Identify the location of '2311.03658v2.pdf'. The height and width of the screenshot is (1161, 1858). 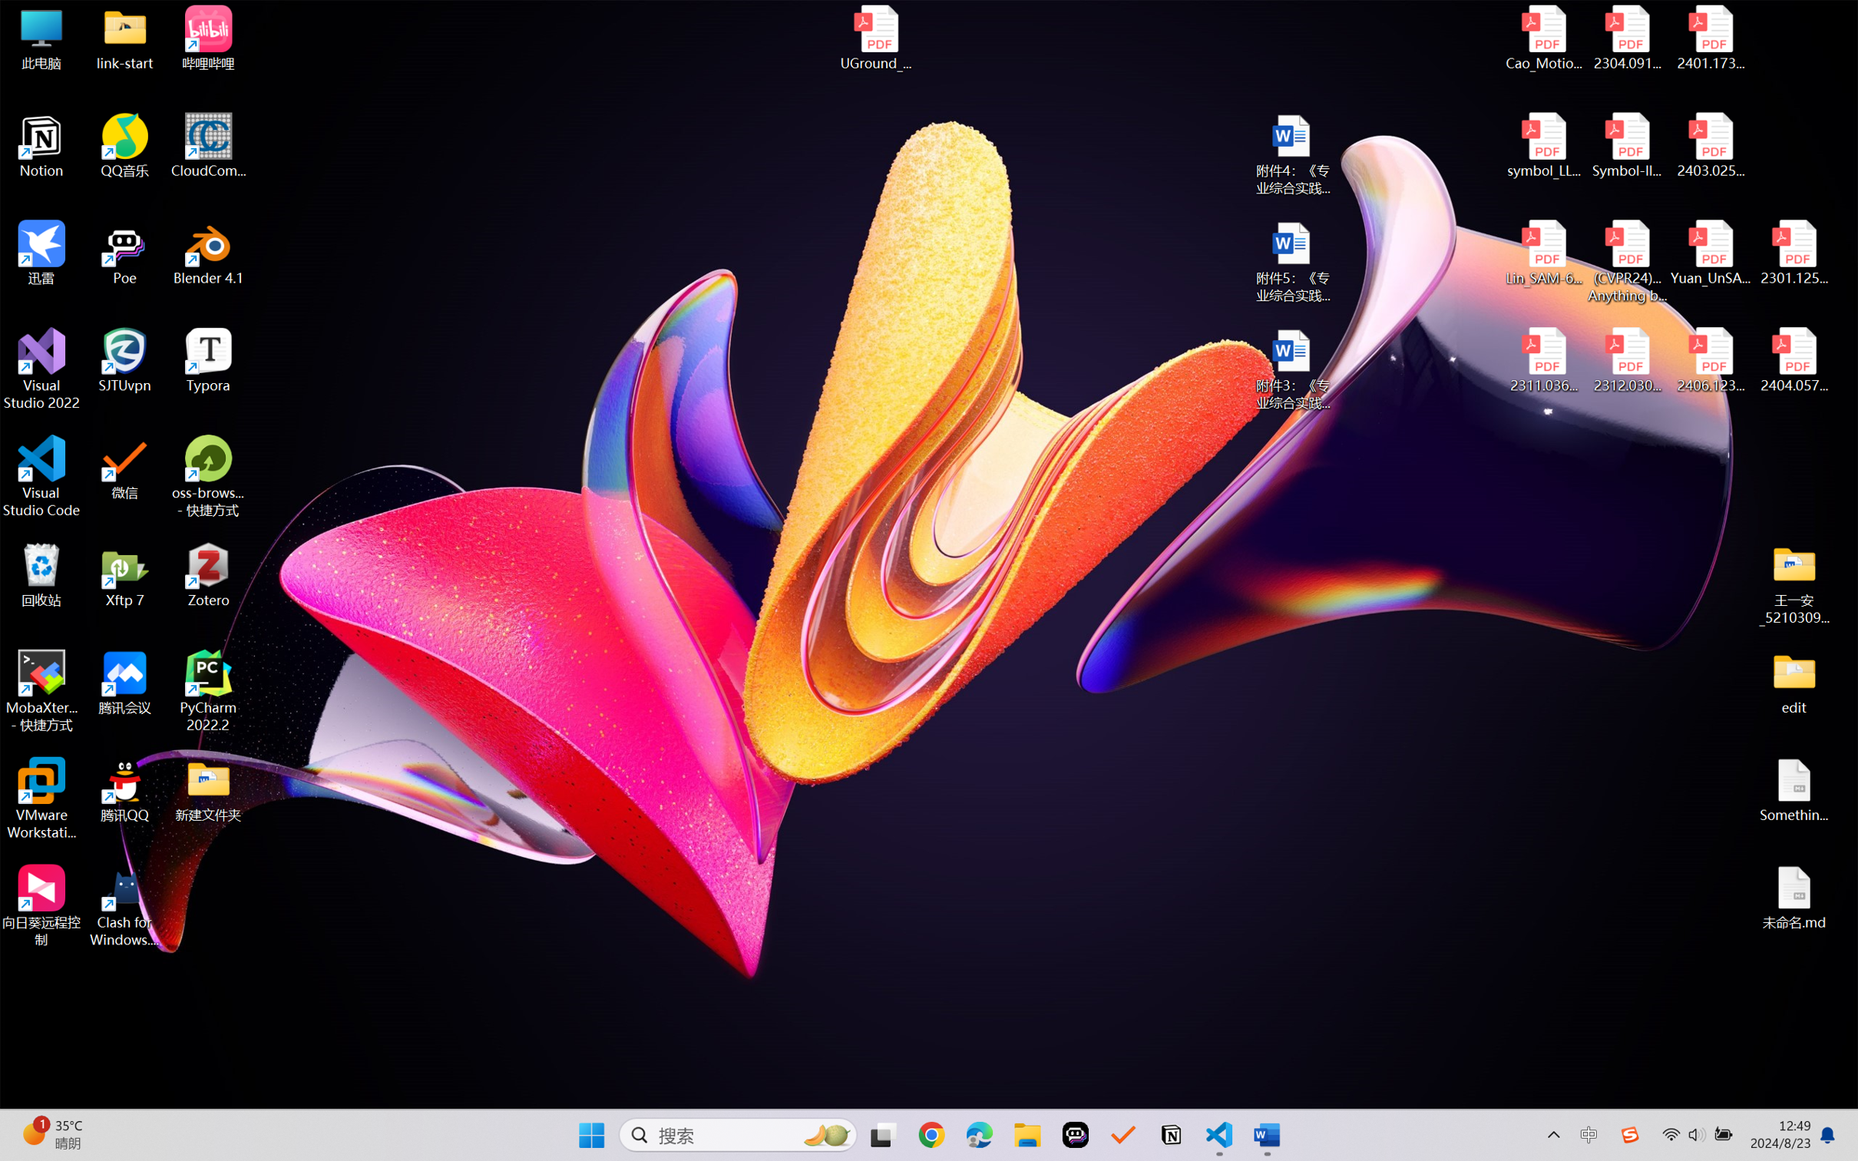
(1544, 360).